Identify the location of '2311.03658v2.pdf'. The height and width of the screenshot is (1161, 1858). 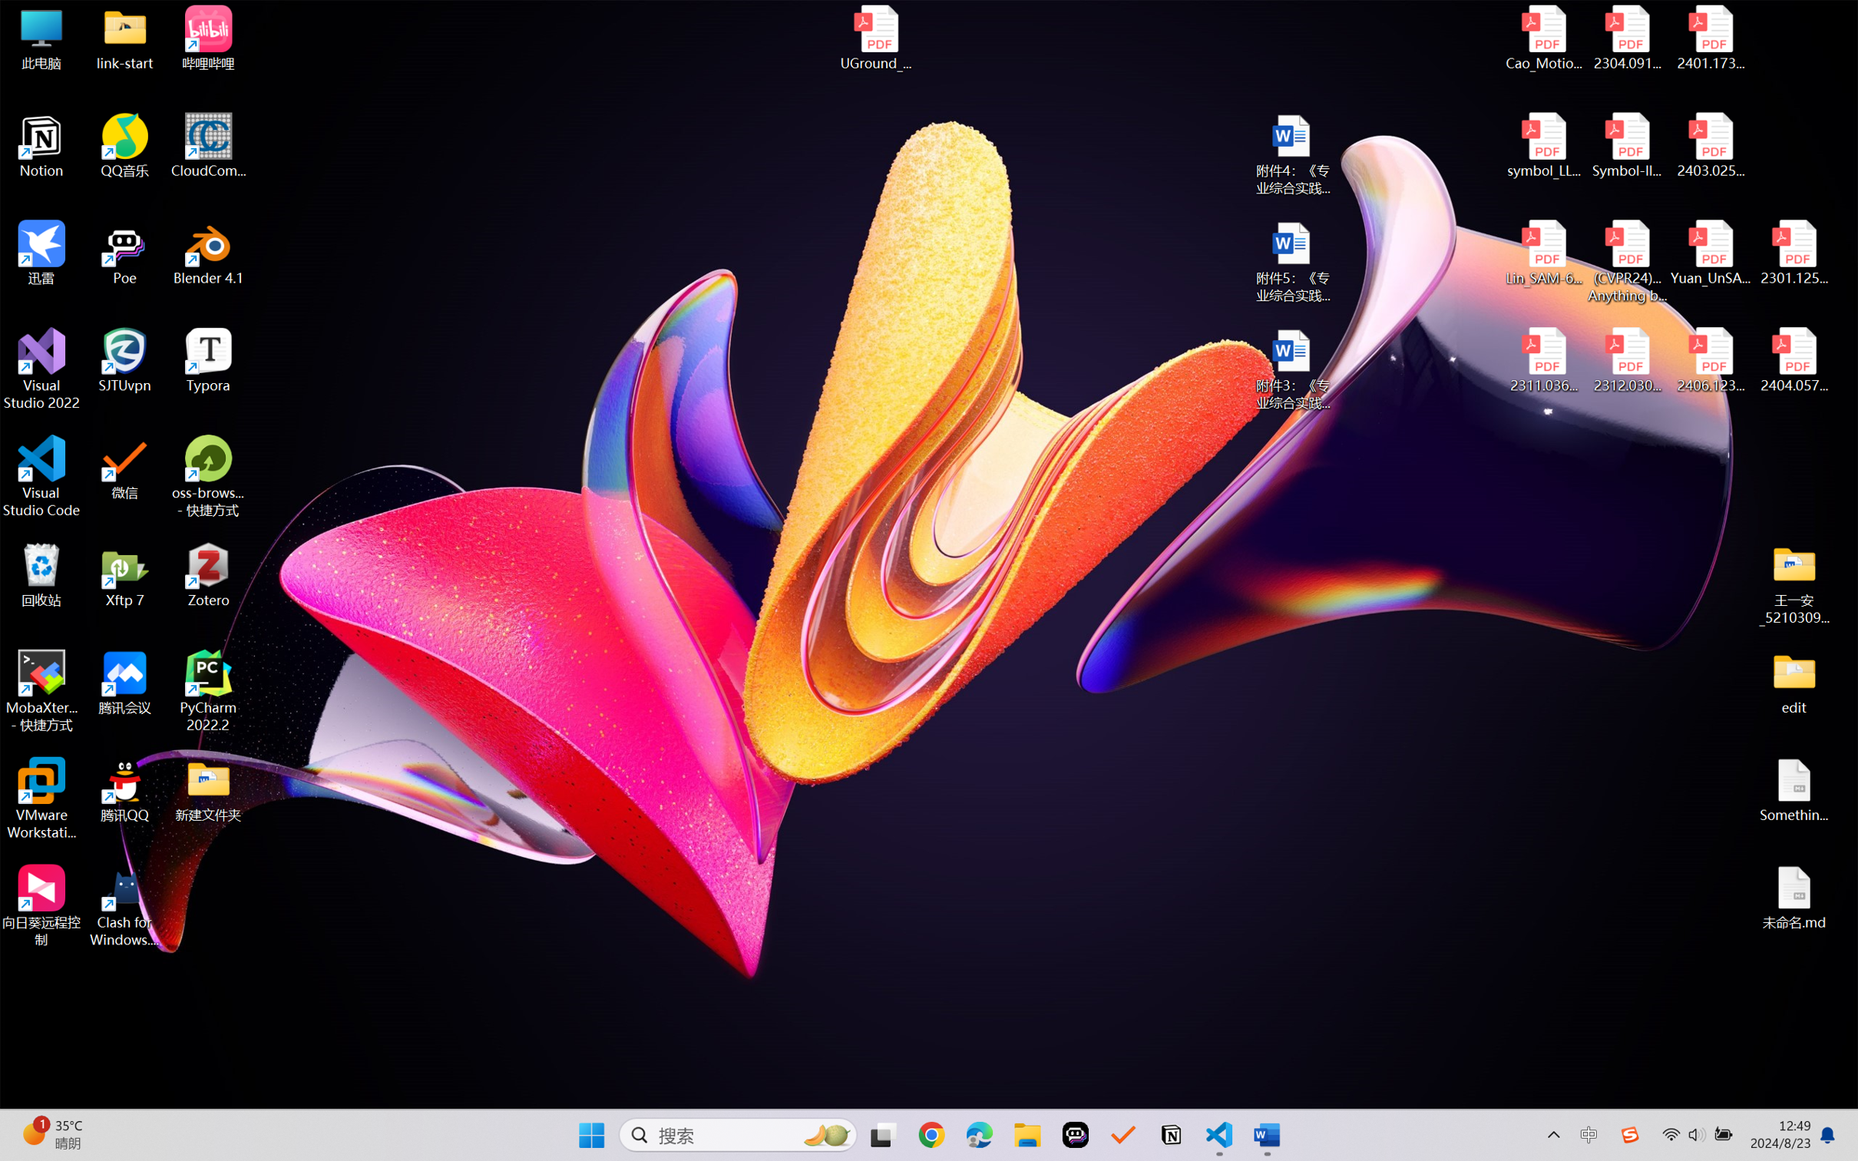
(1544, 360).